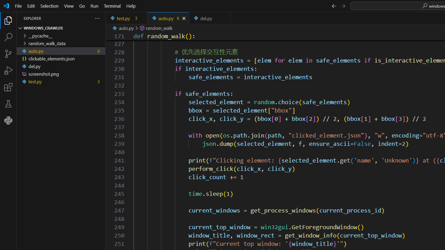  What do you see at coordinates (8, 37) in the screenshot?
I see `'Search (Ctrl+Shift+F)'` at bounding box center [8, 37].